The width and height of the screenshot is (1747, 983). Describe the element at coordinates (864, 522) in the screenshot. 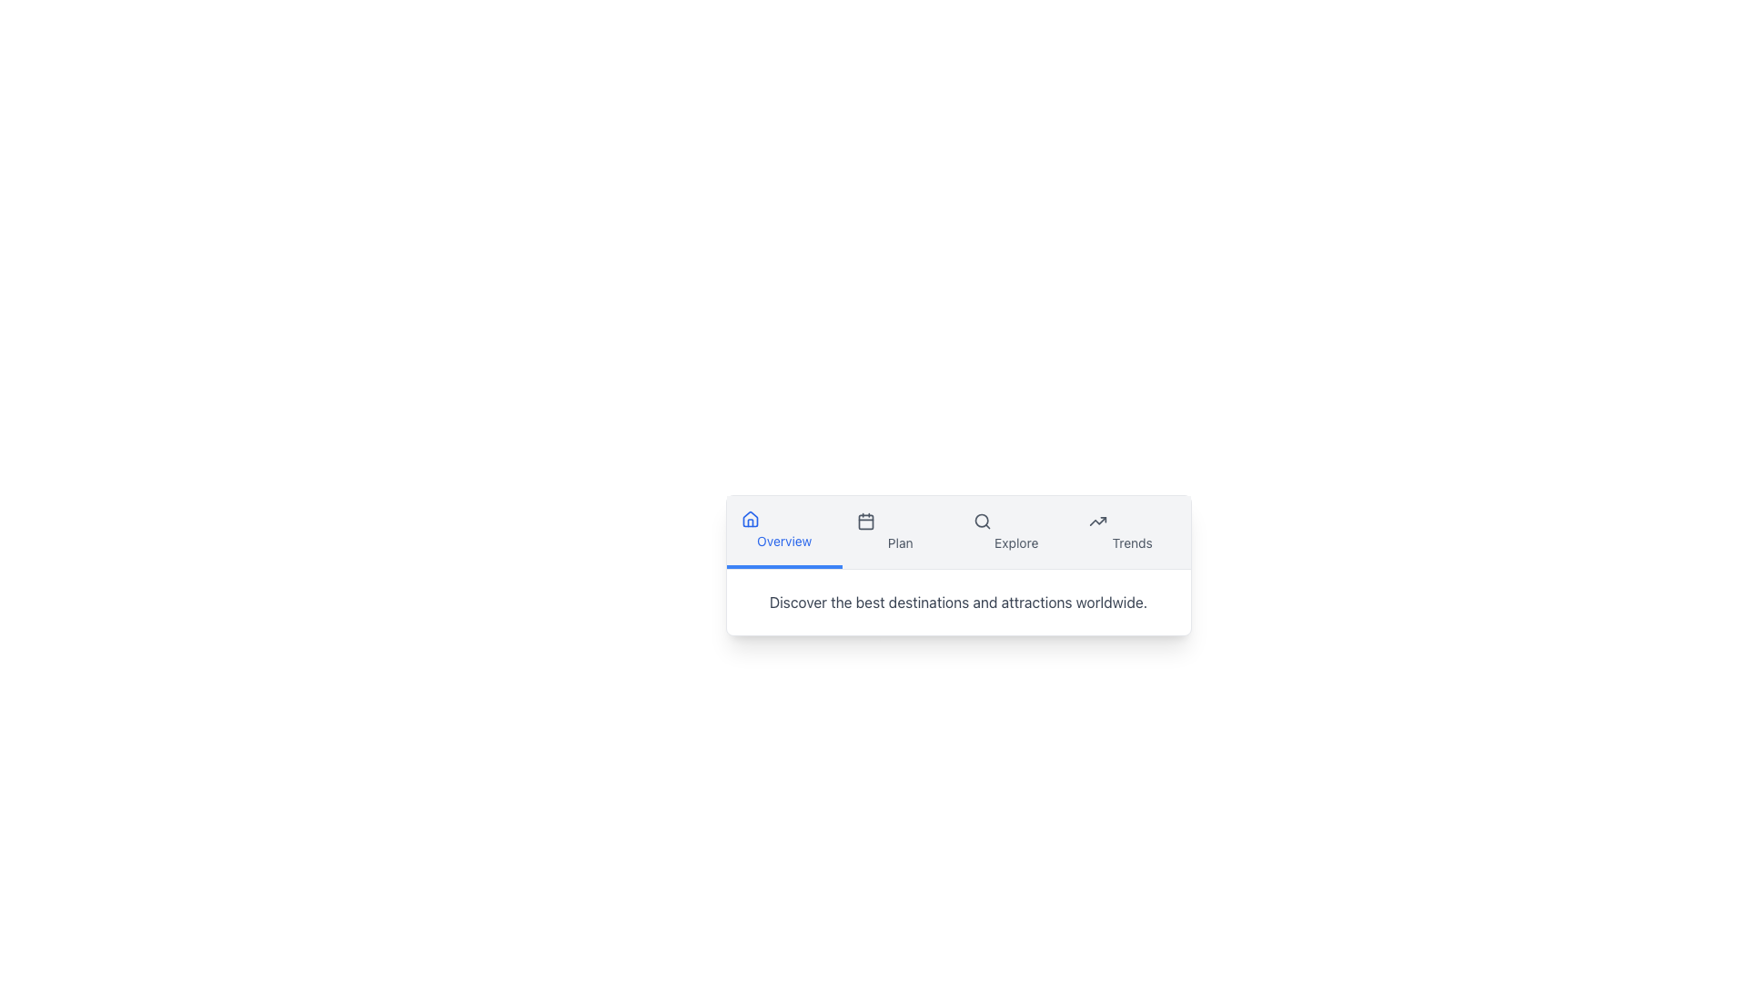

I see `the central rectangle of the calendar icon, which represents the calendar body where dates or events are displayed` at that location.